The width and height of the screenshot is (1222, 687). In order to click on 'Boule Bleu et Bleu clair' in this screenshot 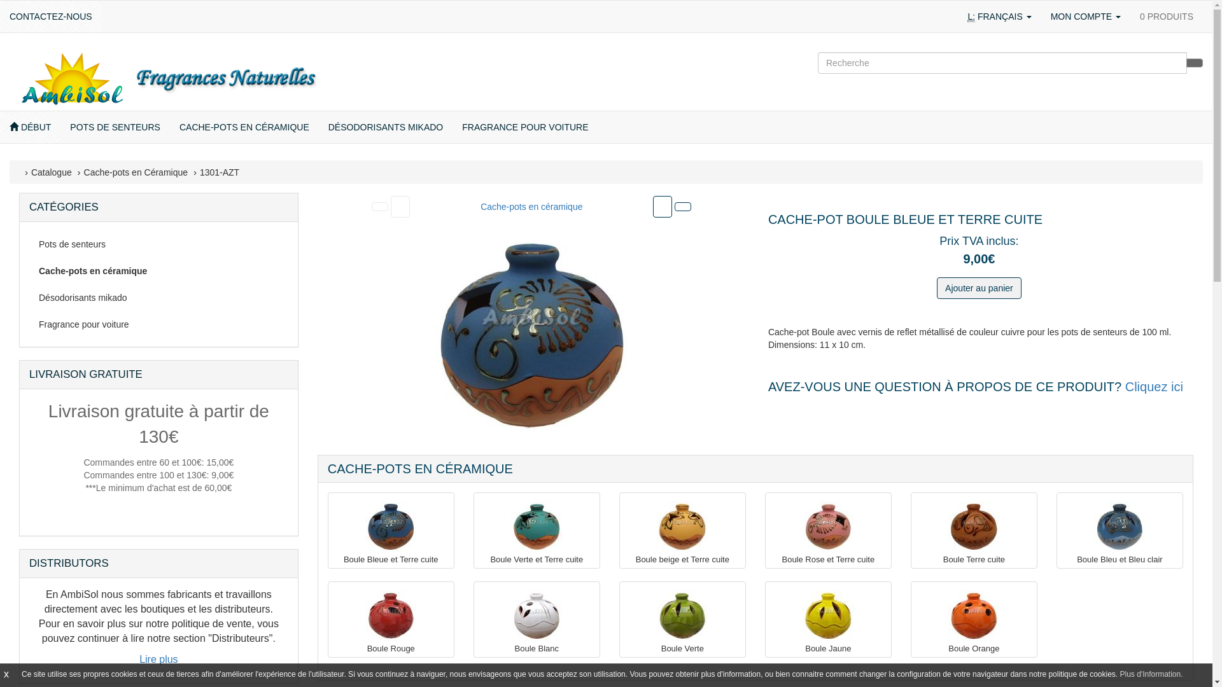, I will do `click(1118, 527)`.